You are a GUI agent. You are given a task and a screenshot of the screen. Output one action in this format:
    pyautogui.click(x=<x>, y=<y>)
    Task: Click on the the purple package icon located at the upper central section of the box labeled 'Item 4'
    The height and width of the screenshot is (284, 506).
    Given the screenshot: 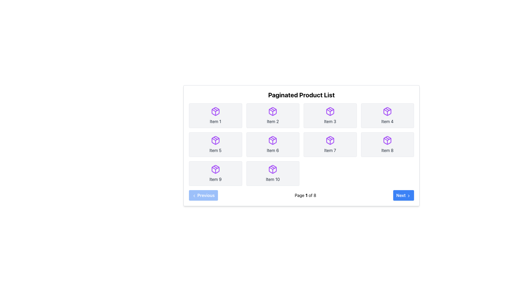 What is the action you would take?
    pyautogui.click(x=387, y=111)
    